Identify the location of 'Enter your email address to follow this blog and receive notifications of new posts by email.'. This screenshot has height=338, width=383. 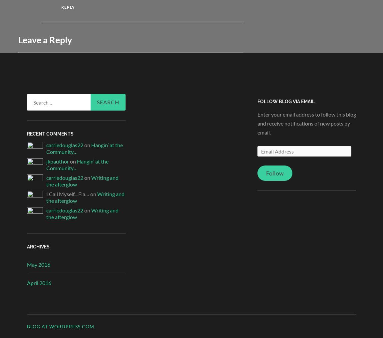
(306, 123).